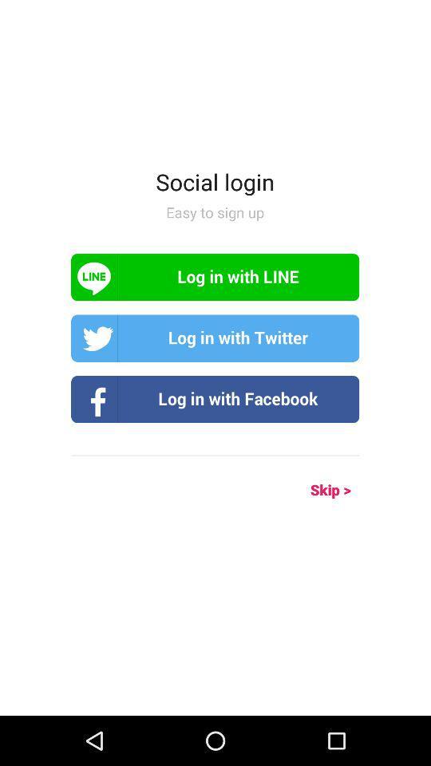 This screenshot has height=766, width=431. Describe the element at coordinates (215, 338) in the screenshot. I see `log into twitter` at that location.